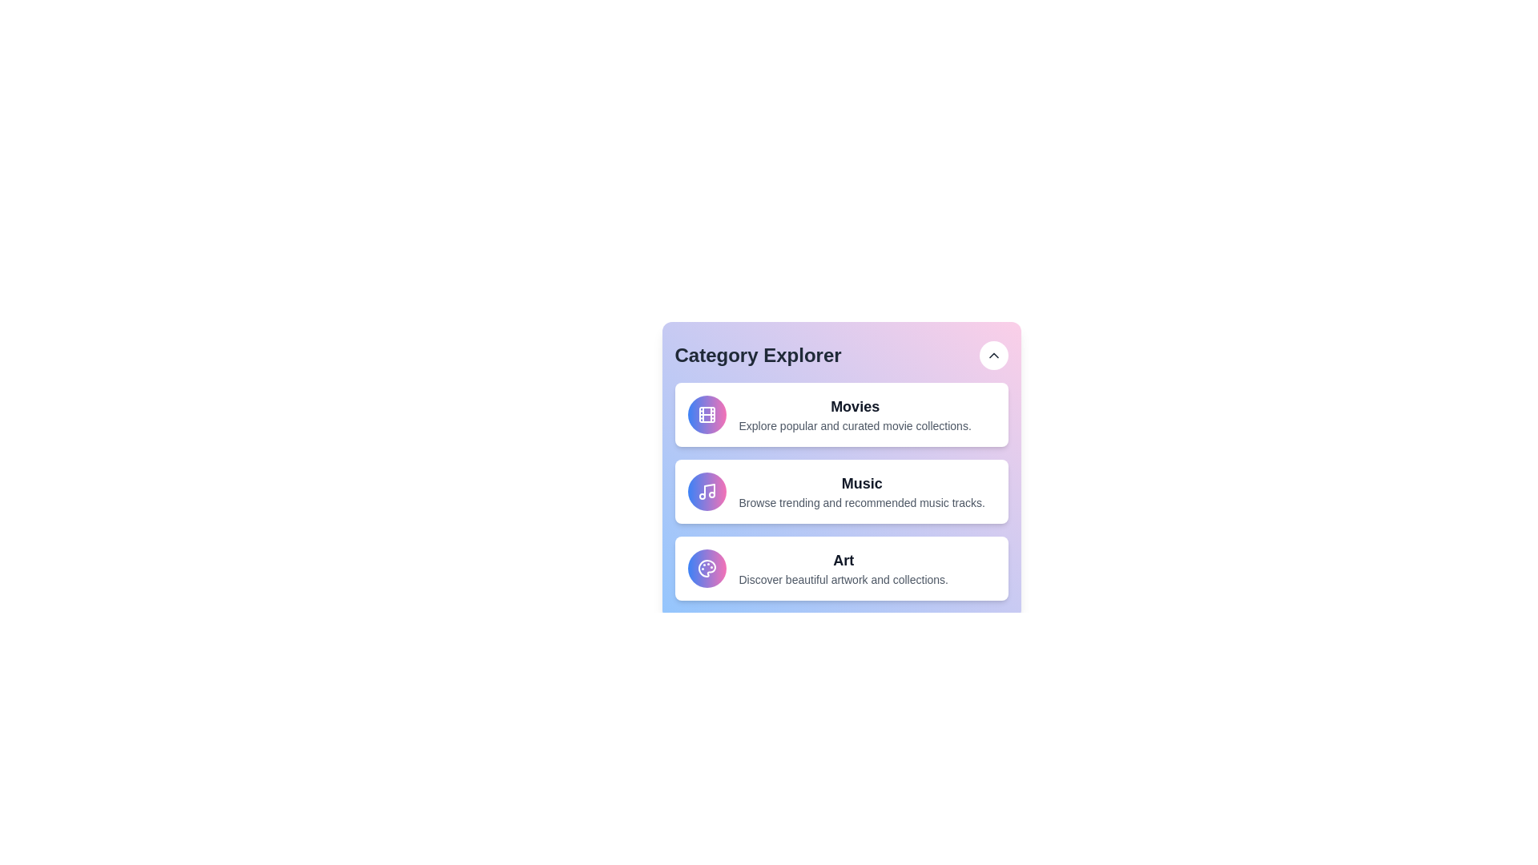 This screenshot has width=1538, height=865. What do you see at coordinates (706, 413) in the screenshot?
I see `the icon of the Movies category` at bounding box center [706, 413].